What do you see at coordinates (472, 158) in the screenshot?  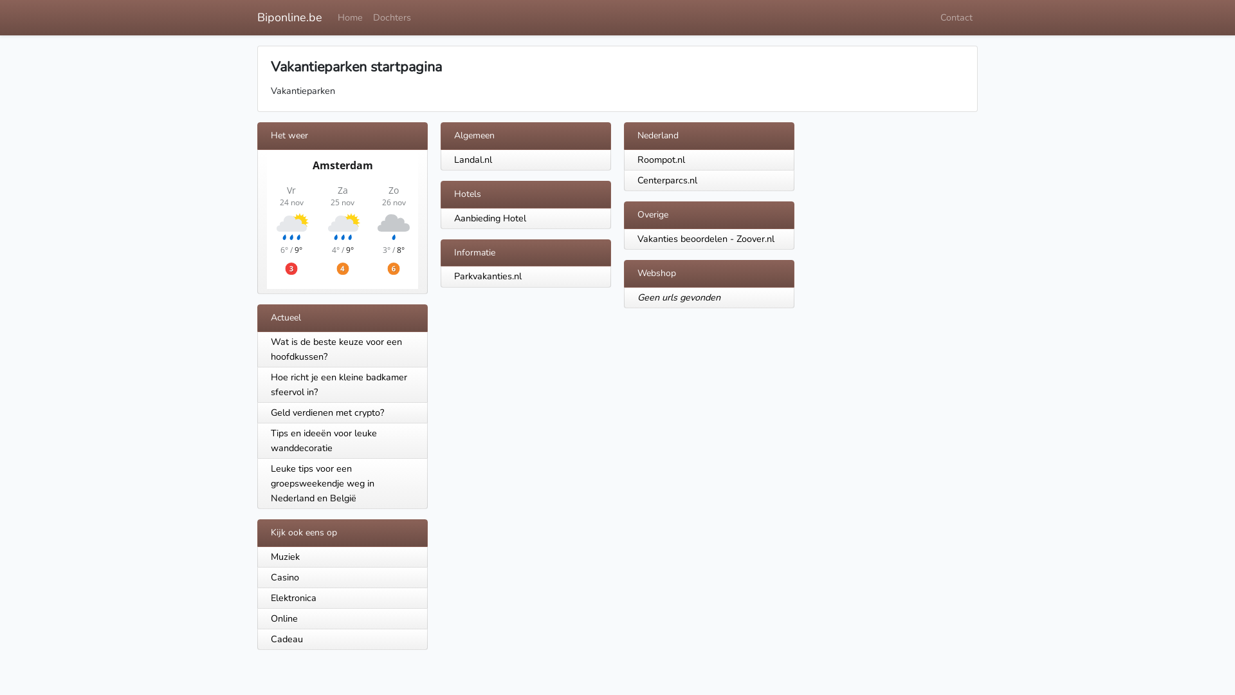 I see `'Landal.nl'` at bounding box center [472, 158].